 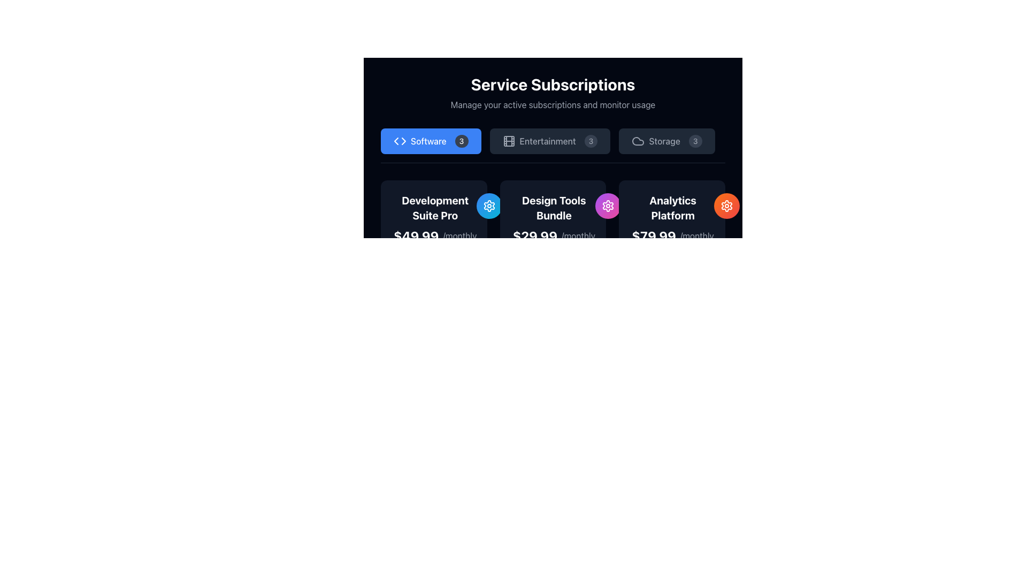 What do you see at coordinates (726, 206) in the screenshot?
I see `the button located on the far-right side of the 'Analytics Platform' section` at bounding box center [726, 206].